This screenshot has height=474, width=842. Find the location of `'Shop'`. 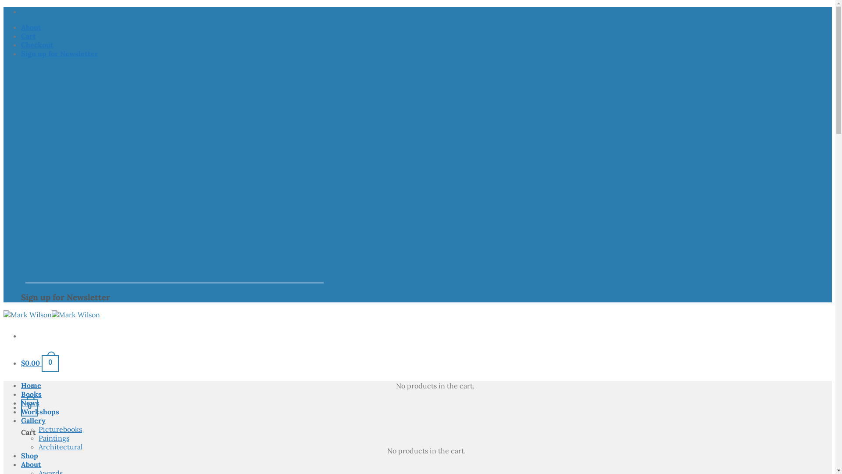

'Shop' is located at coordinates (21, 455).